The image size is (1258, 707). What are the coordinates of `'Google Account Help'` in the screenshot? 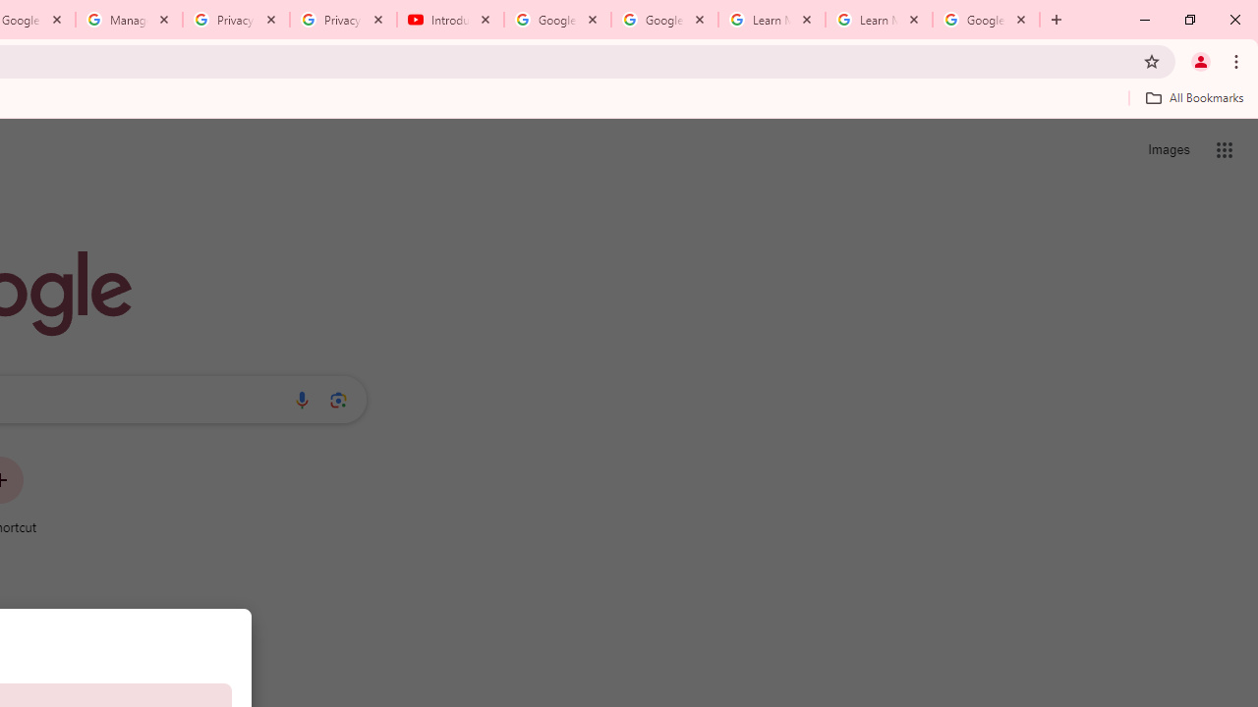 It's located at (664, 20).